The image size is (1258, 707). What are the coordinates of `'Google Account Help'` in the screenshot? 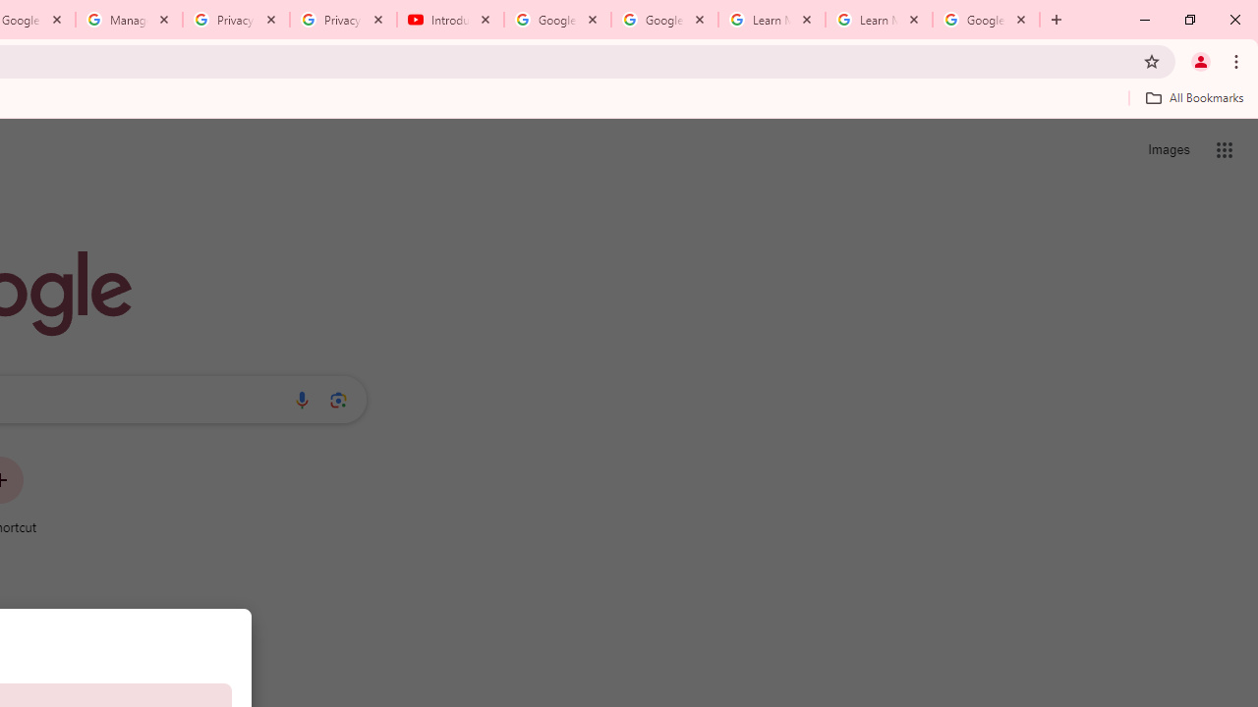 It's located at (664, 20).